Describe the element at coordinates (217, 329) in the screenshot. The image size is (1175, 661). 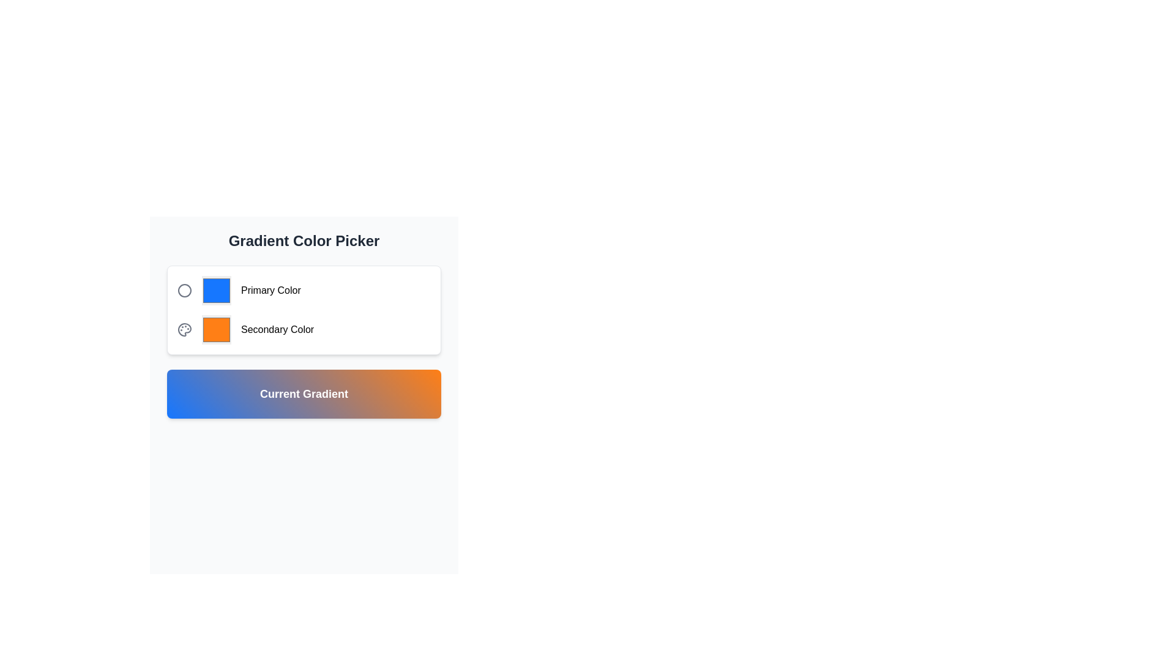
I see `the 'Secondary Color' selection input in the color picker interface` at that location.